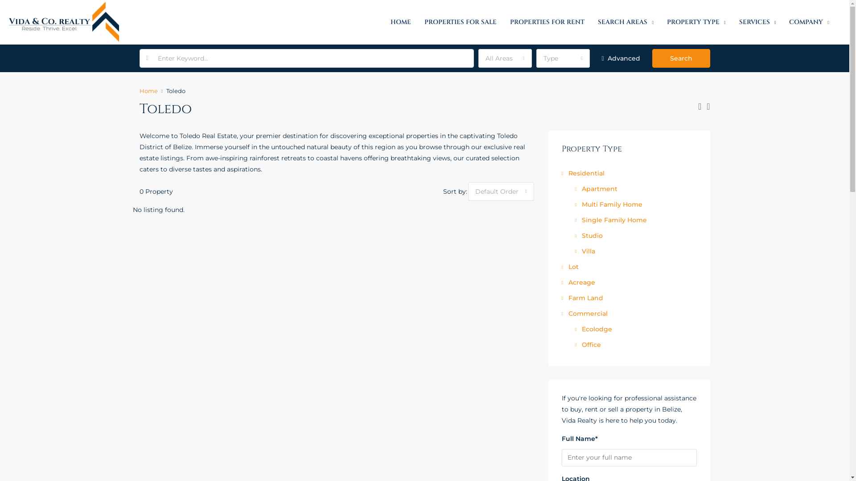  I want to click on 'Farm Land', so click(561, 298).